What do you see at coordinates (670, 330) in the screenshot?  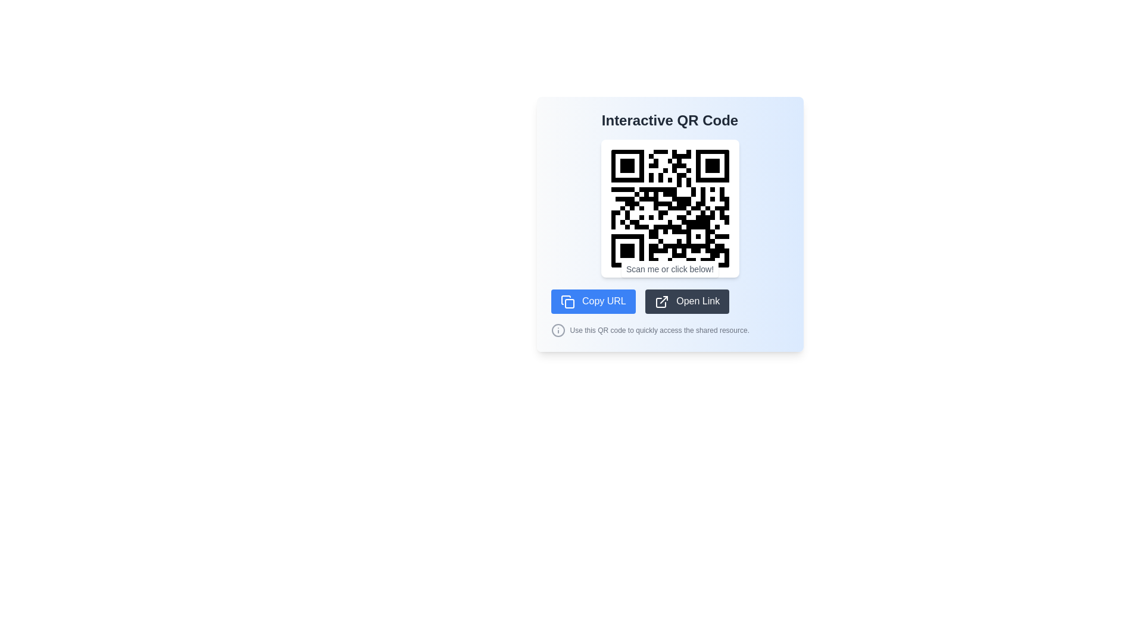 I see `the informational label located at the bottom of the card interface, directly below the 'Copy URL' and 'Open Link' buttons` at bounding box center [670, 330].